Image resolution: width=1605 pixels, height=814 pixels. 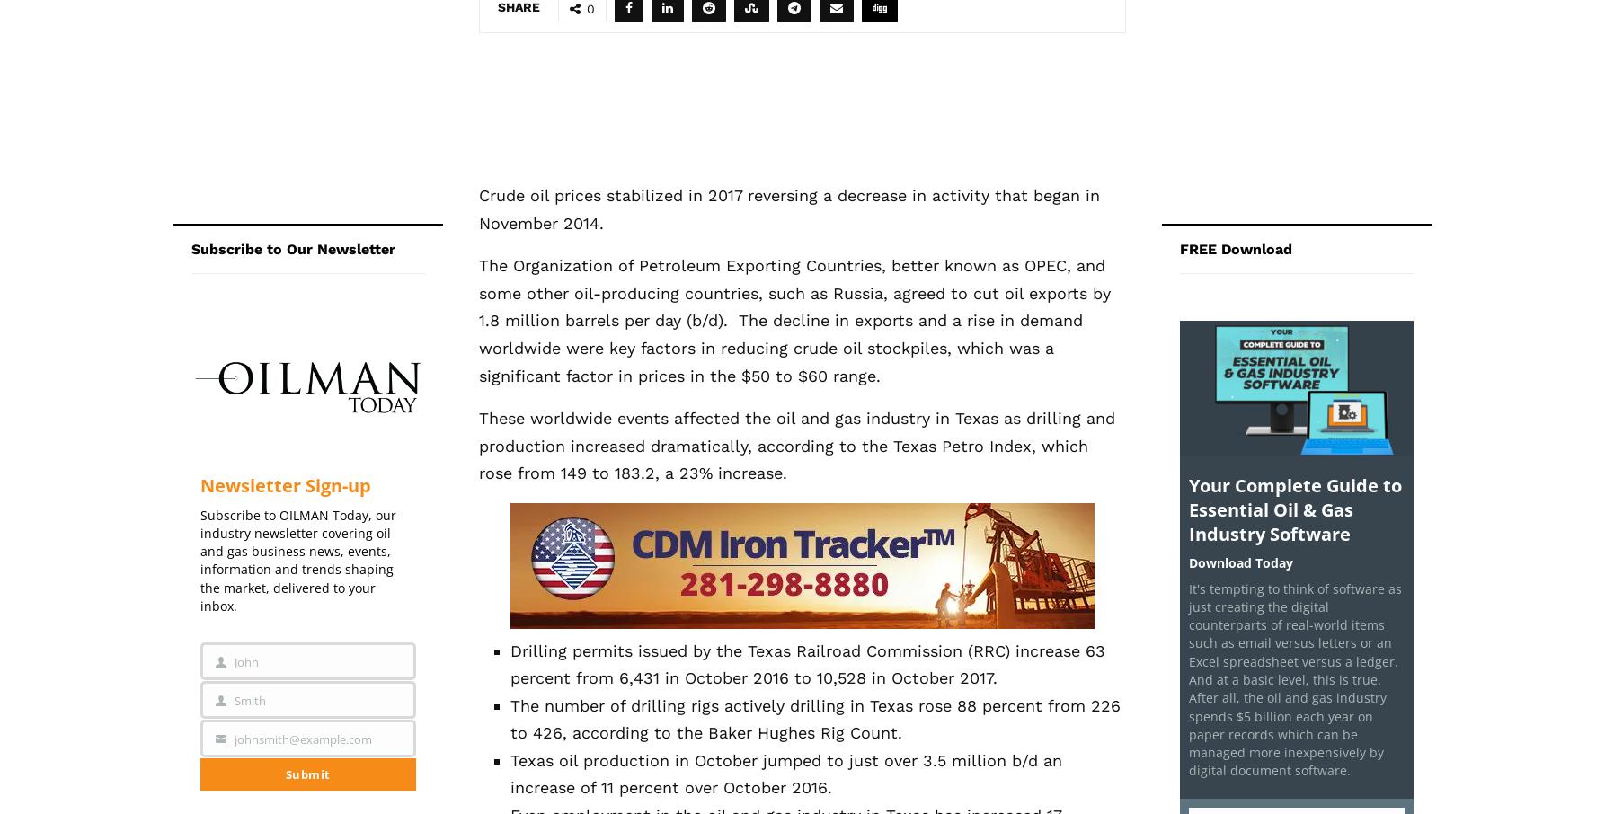 I want to click on 'Subscribe to Our Newsletter', so click(x=191, y=247).